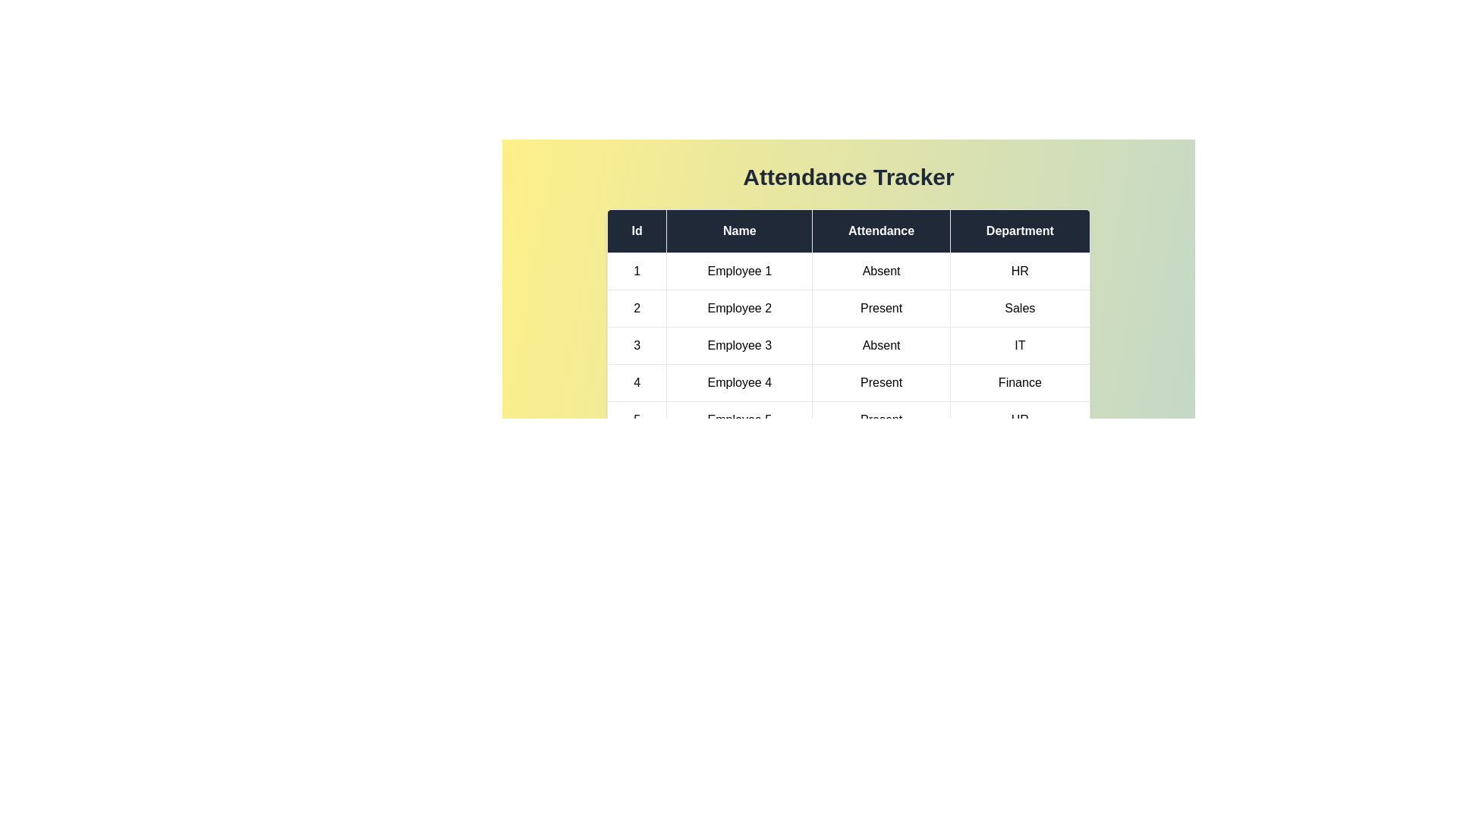 The width and height of the screenshot is (1457, 819). What do you see at coordinates (637, 231) in the screenshot?
I see `the table header Id to sort or filter the data` at bounding box center [637, 231].